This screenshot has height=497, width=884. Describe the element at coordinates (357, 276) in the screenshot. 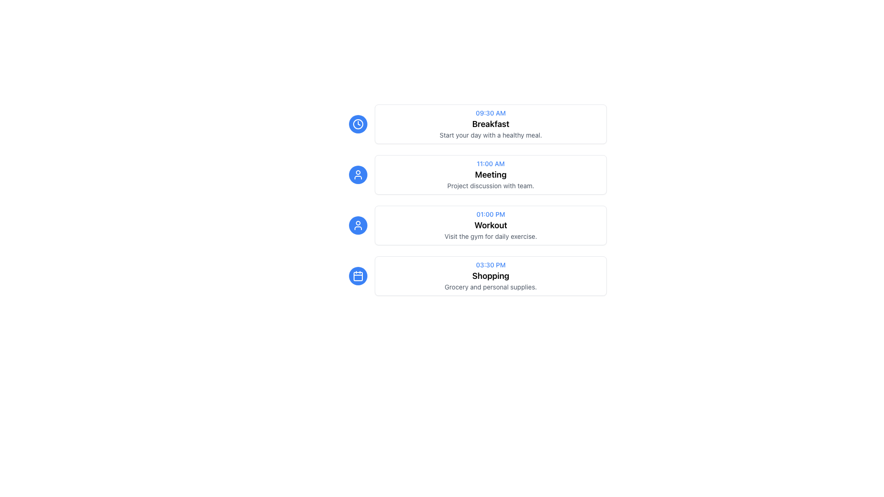

I see `the calendar icon that signifies the 3:30 PM 'Shopping' event, which is the last in a vertical sequence of icons on the left of scheduled events` at that location.